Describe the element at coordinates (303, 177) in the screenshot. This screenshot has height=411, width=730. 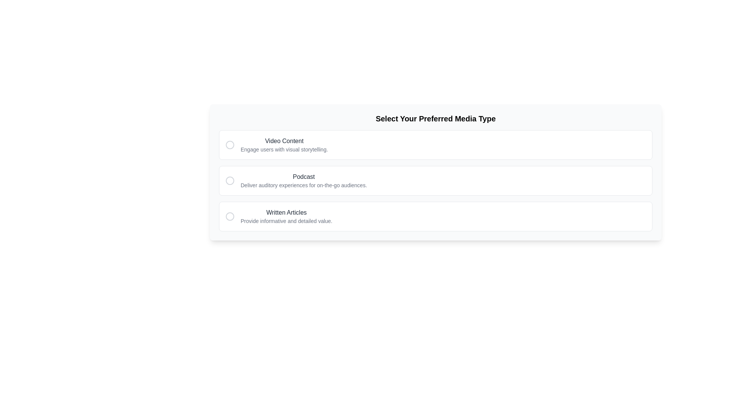
I see `the text label element displaying 'Podcast', which is styled with a dark gray font and is part of a selectable row for media type selection` at that location.